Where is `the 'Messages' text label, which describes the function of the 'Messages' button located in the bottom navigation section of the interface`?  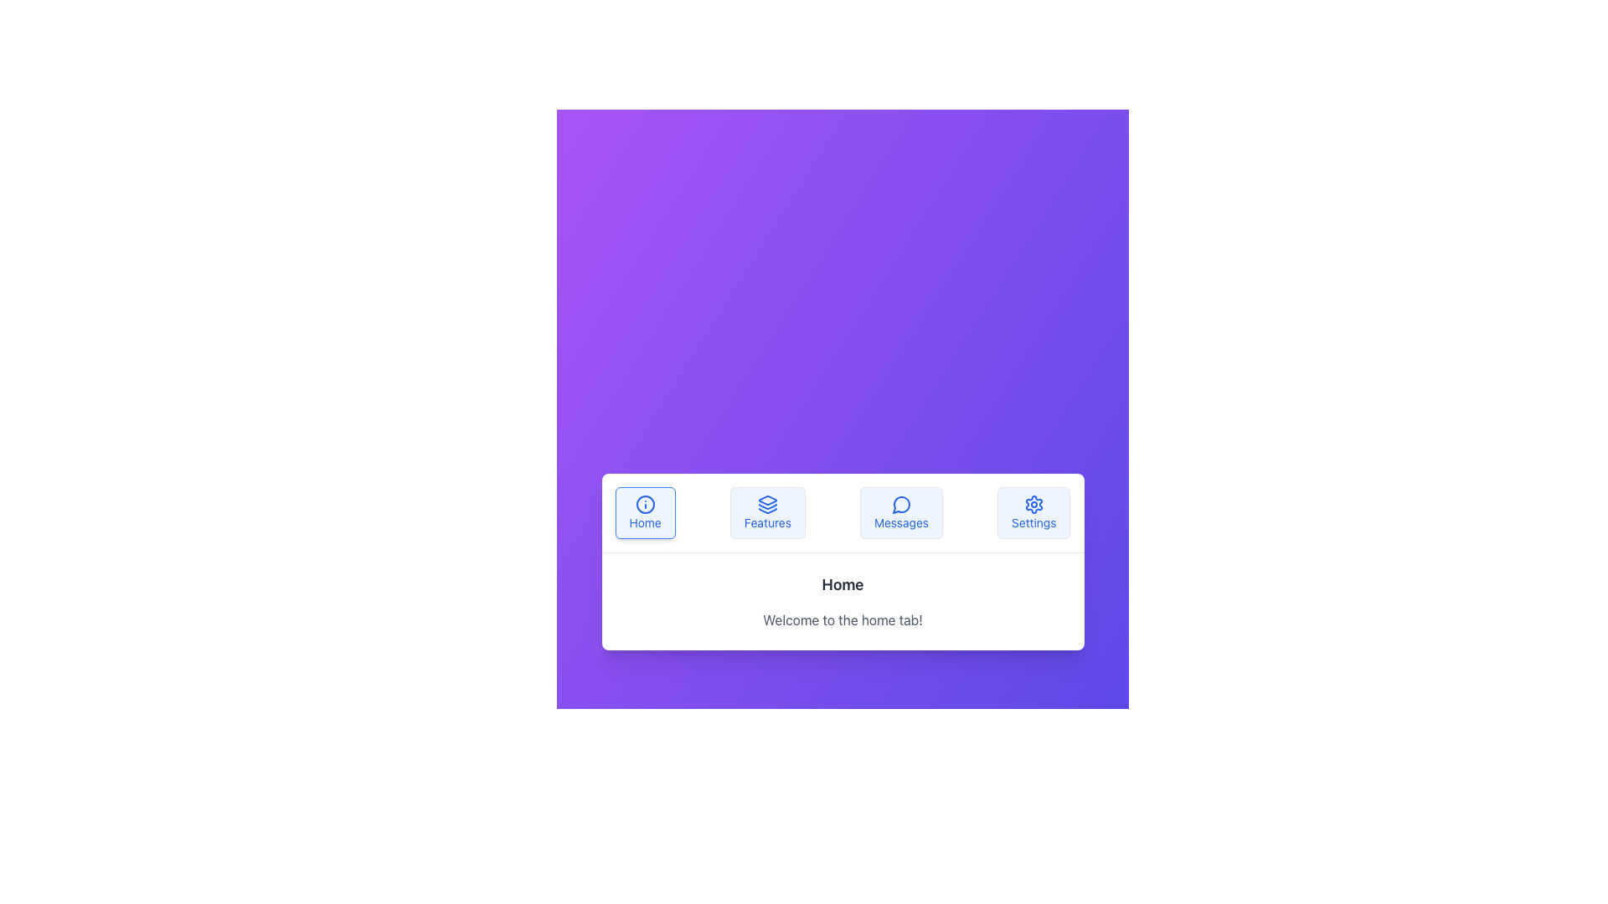
the 'Messages' text label, which describes the function of the 'Messages' button located in the bottom navigation section of the interface is located at coordinates (900, 521).